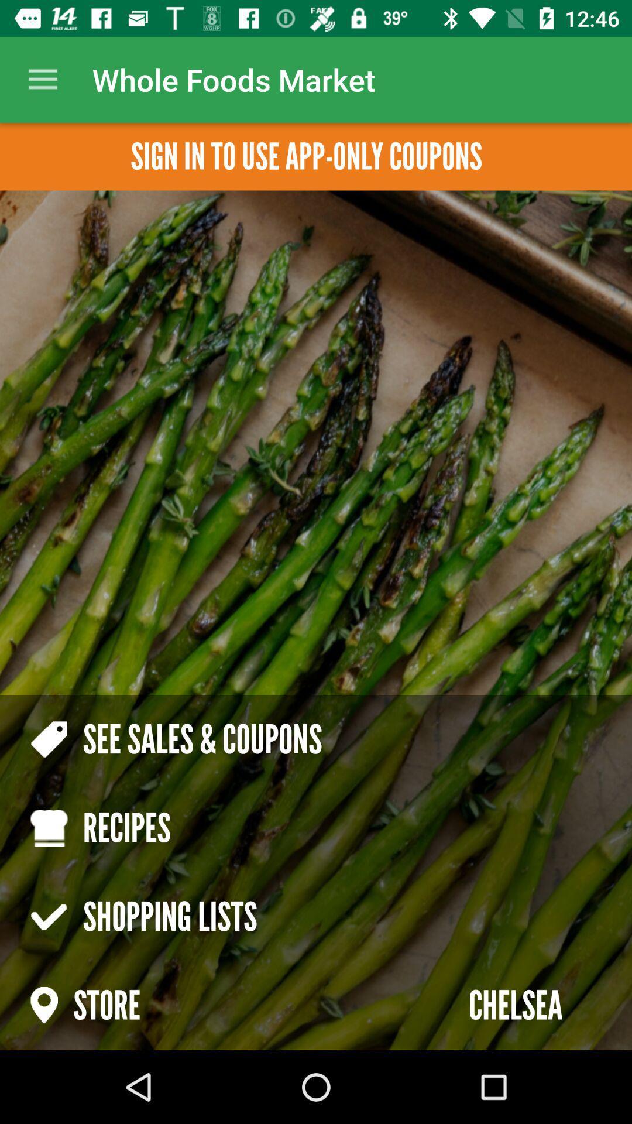 The height and width of the screenshot is (1124, 632). Describe the element at coordinates (42, 79) in the screenshot. I see `icon above the see sales & coupons item` at that location.